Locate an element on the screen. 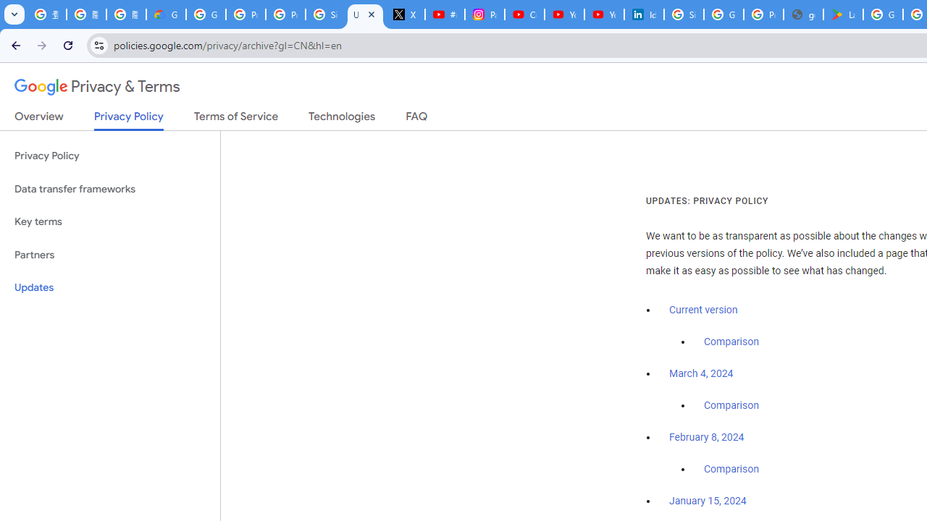 The width and height of the screenshot is (927, 521). 'January 15, 2024' is located at coordinates (708, 501).